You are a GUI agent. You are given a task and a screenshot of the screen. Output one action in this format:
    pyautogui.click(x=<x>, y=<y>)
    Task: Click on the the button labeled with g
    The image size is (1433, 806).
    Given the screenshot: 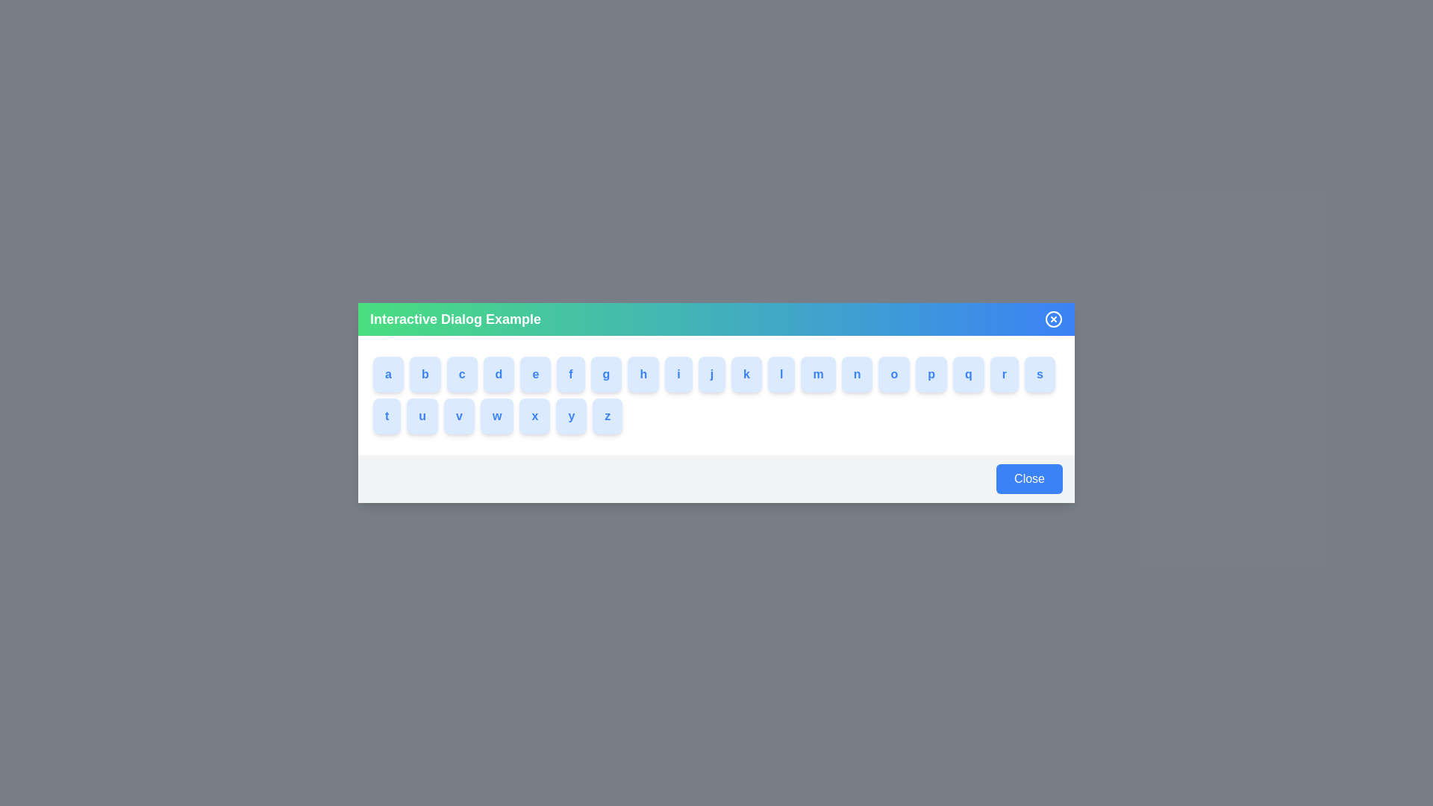 What is the action you would take?
    pyautogui.click(x=612, y=373)
    